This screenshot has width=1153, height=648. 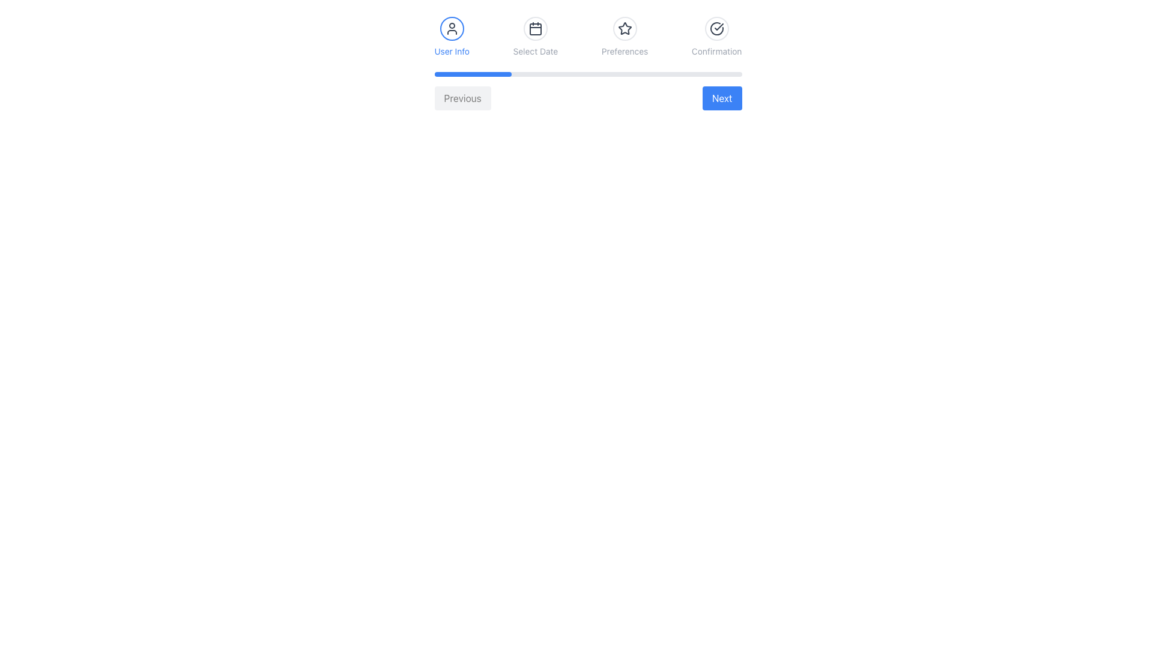 I want to click on the rectangular 'Next' button with a blue background and white text, located on the right side of the layout section, to proceed, so click(x=721, y=98).